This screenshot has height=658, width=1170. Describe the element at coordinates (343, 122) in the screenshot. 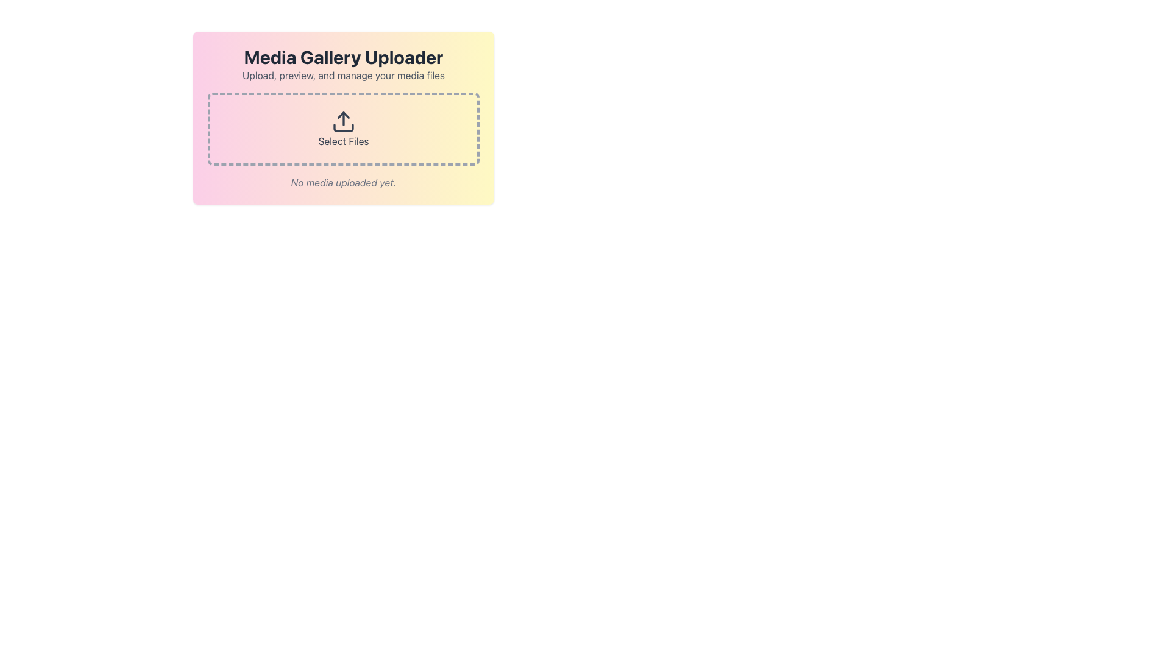

I see `the upload icon located inside the 'Select Files' bordered box, which is centered in the dashed-bordered panel` at that location.